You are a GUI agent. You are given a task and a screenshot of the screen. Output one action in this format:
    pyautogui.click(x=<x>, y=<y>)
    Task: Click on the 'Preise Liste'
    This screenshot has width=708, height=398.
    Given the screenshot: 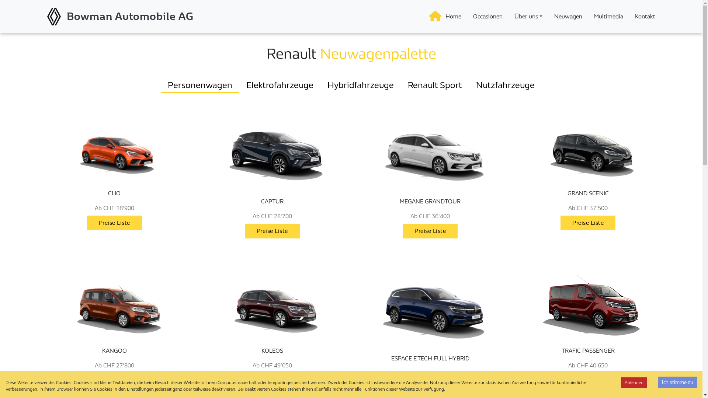 What is the action you would take?
    pyautogui.click(x=430, y=231)
    